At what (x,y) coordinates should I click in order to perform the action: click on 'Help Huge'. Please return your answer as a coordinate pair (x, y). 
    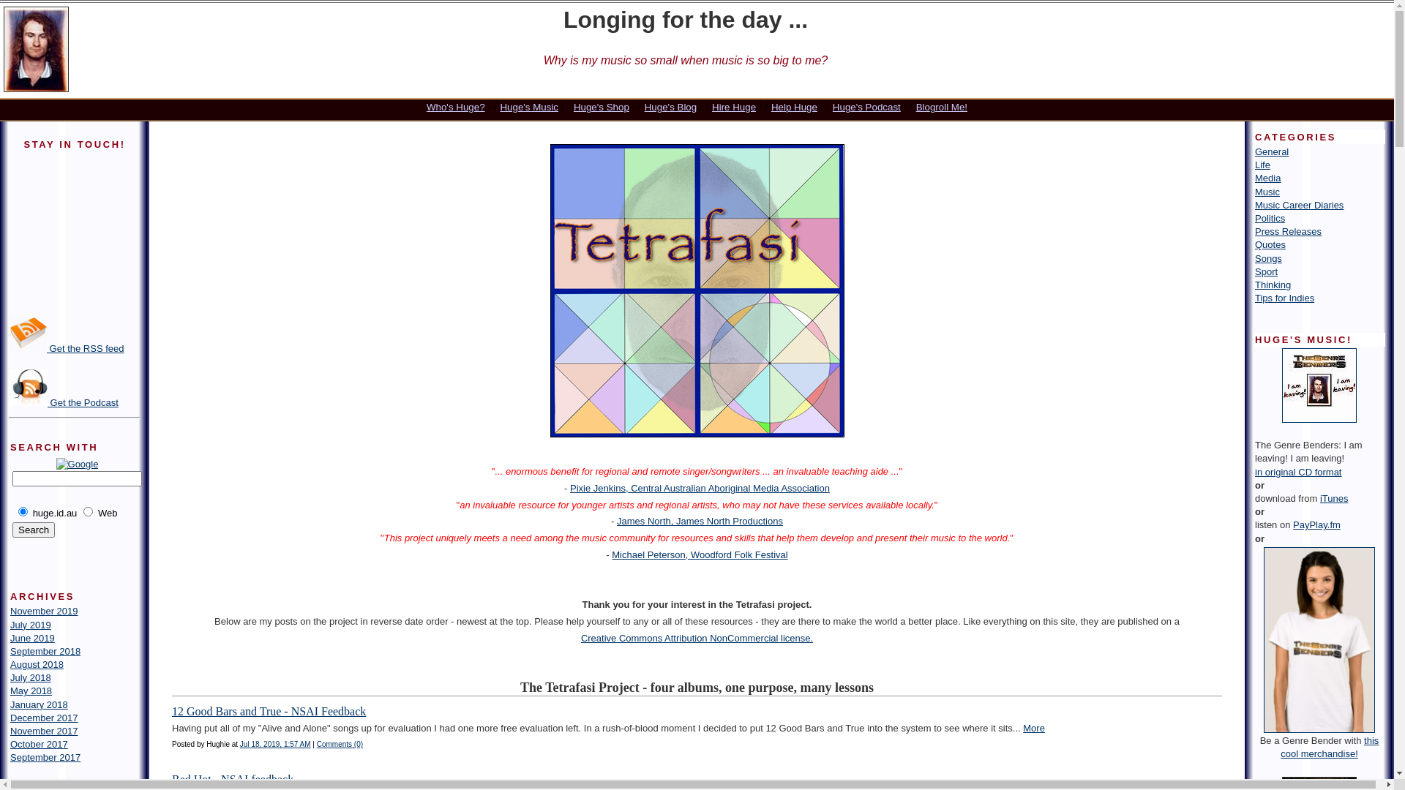
    Looking at the image, I should click on (771, 106).